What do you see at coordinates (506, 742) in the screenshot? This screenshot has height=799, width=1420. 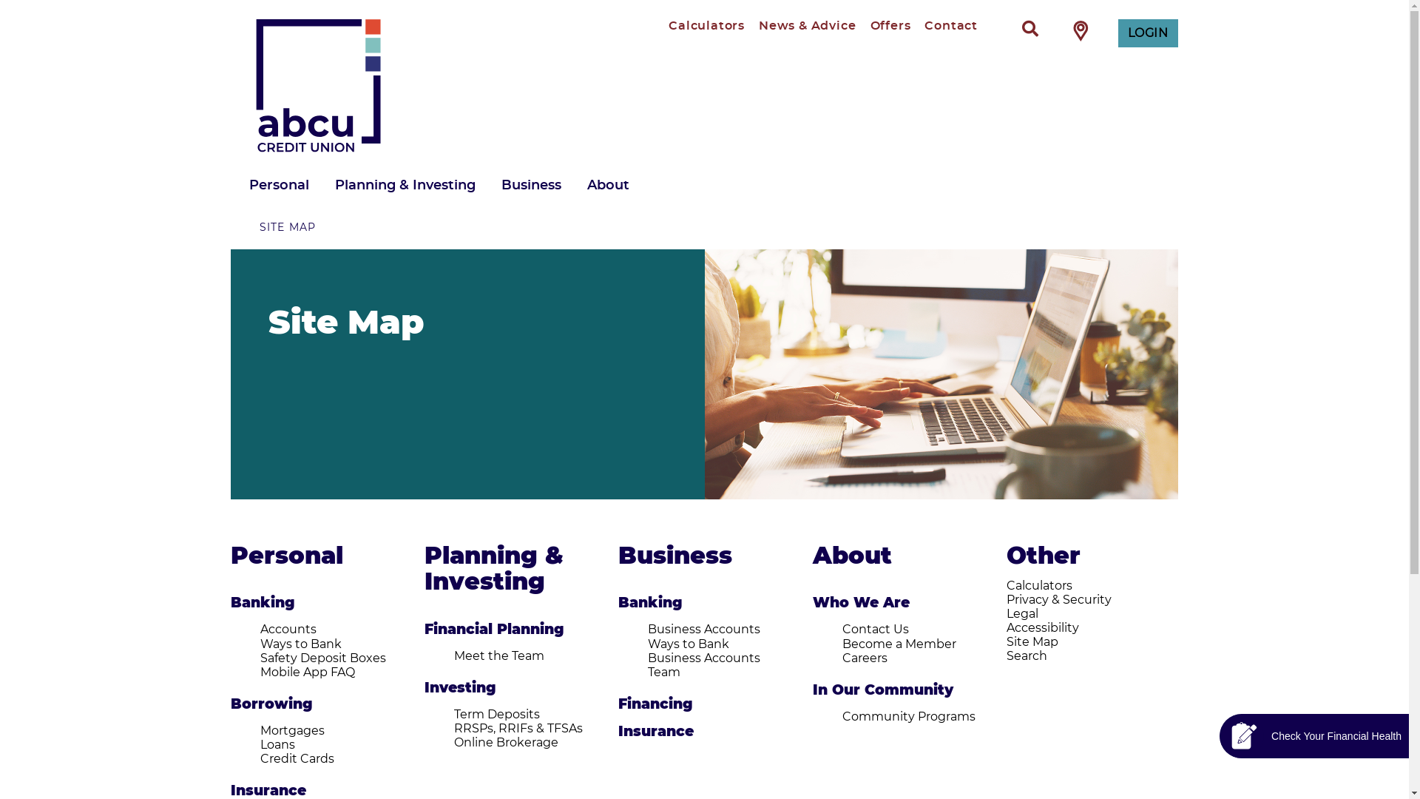 I see `'Online Brokerage'` at bounding box center [506, 742].